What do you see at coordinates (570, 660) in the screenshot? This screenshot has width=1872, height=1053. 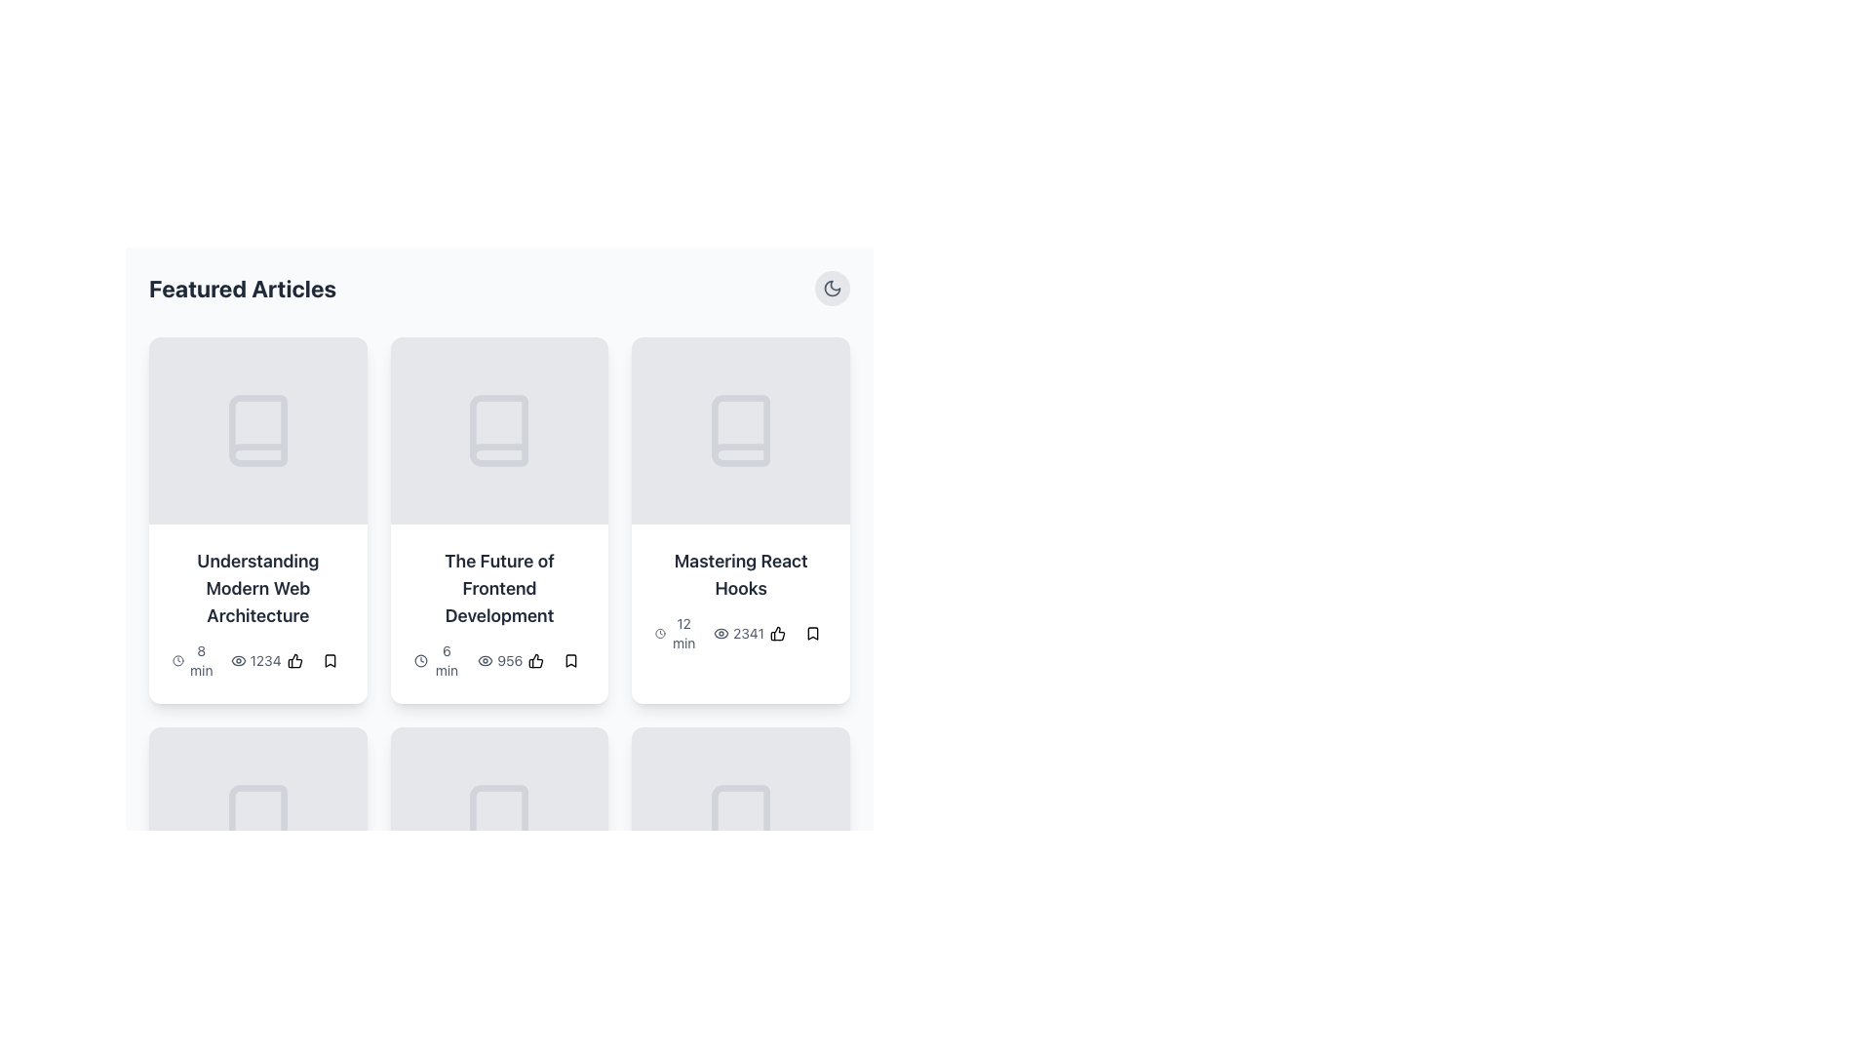 I see `the bookmark icon located in the bottom-right corner of the second card from the left in the first row of the article grid` at bounding box center [570, 660].